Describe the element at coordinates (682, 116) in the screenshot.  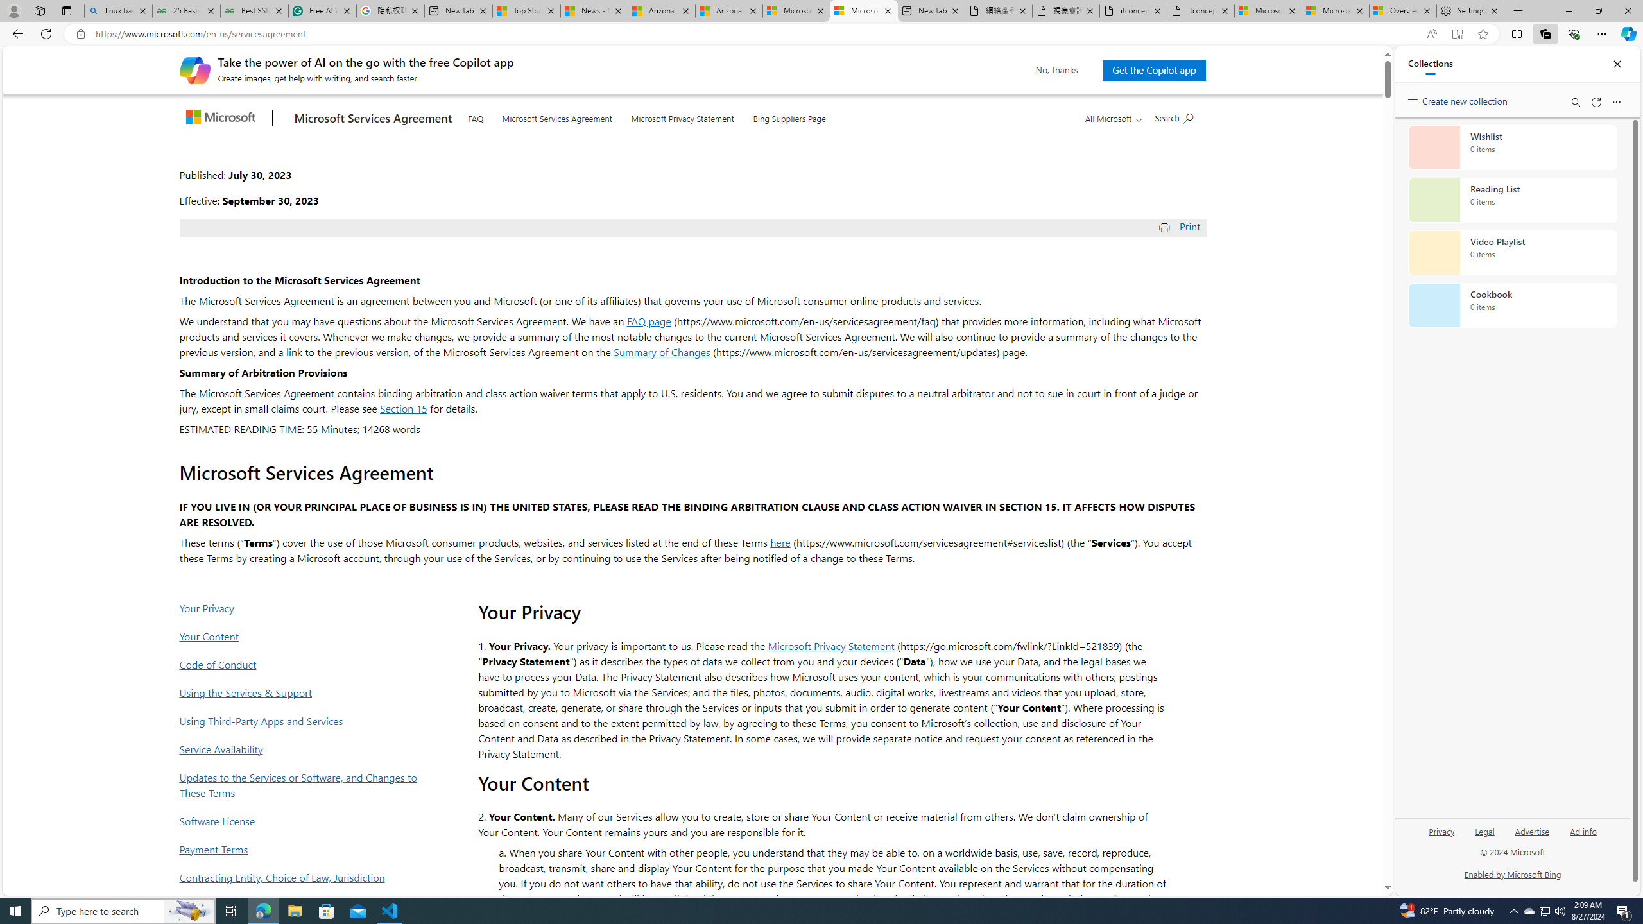
I see `'Microsoft Privacy Statement'` at that location.